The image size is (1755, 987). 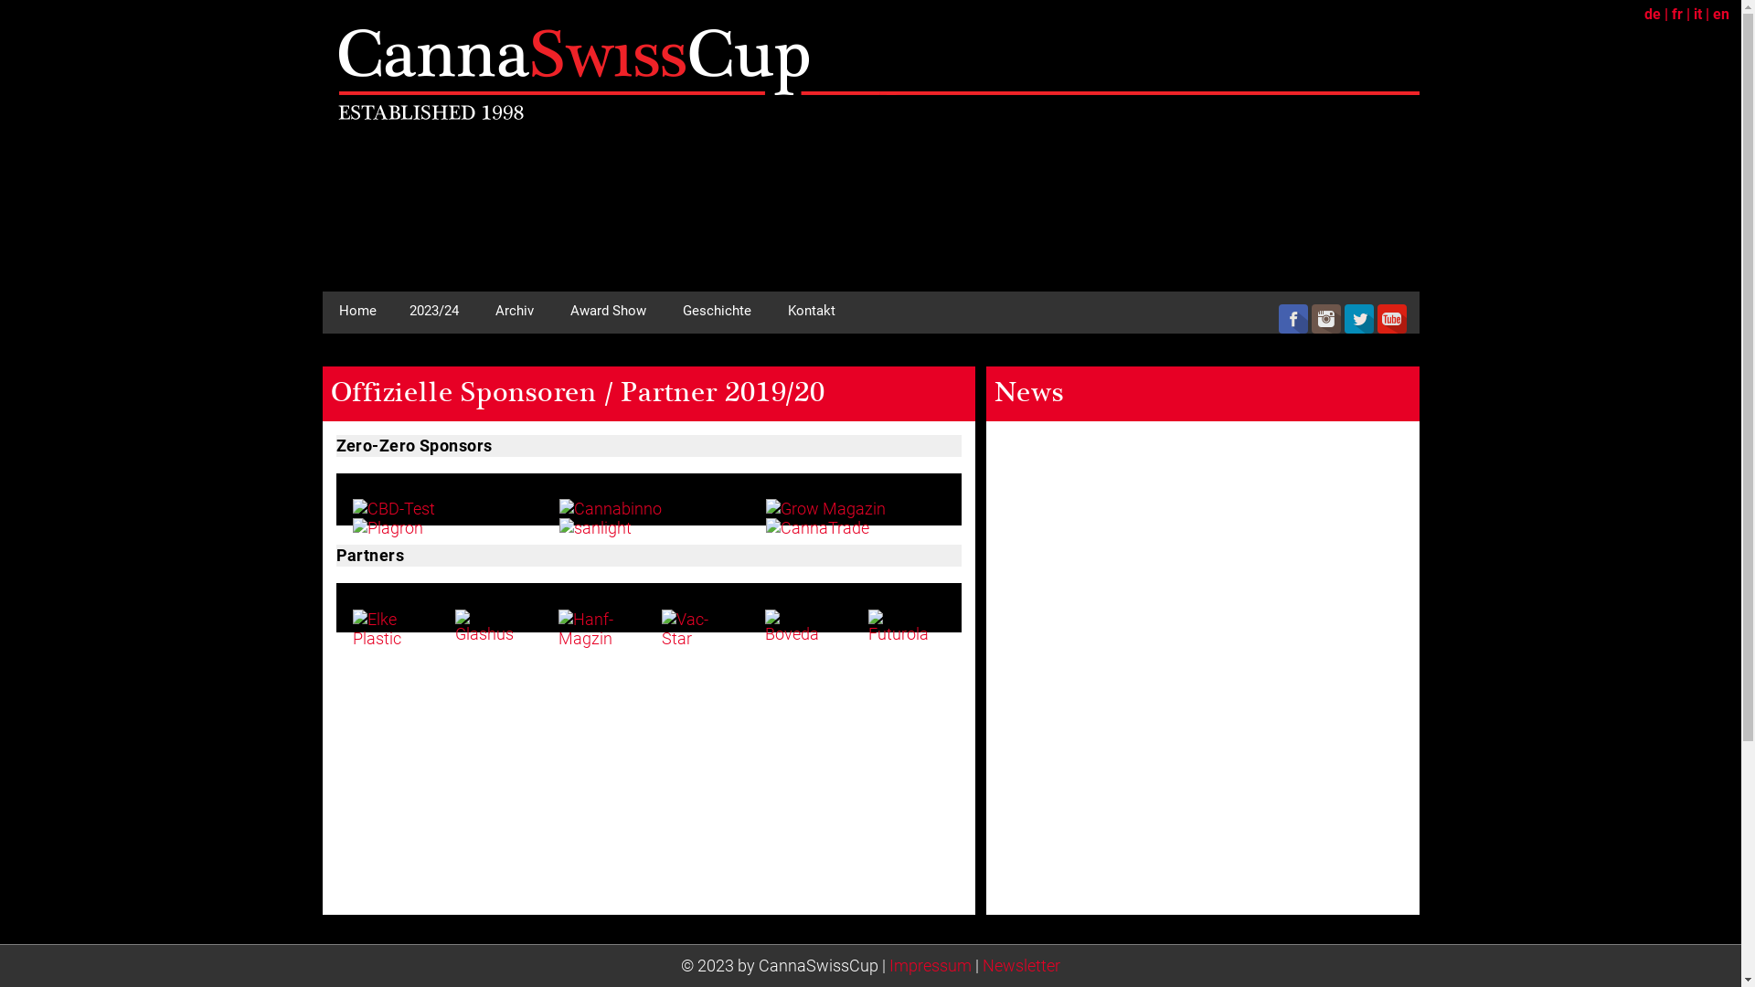 What do you see at coordinates (1020, 964) in the screenshot?
I see `'Newsletter'` at bounding box center [1020, 964].